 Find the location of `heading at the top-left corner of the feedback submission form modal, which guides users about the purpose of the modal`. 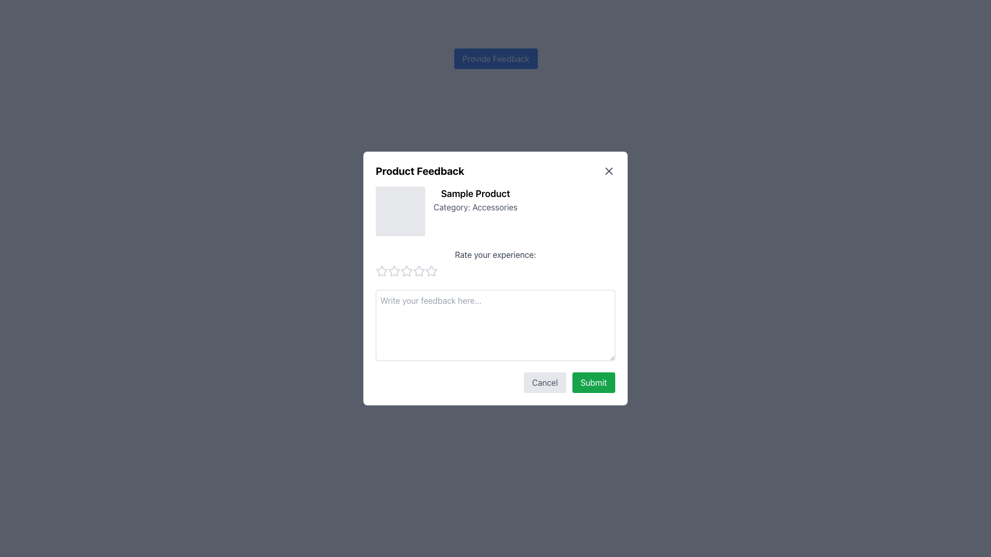

heading at the top-left corner of the feedback submission form modal, which guides users about the purpose of the modal is located at coordinates (420, 170).